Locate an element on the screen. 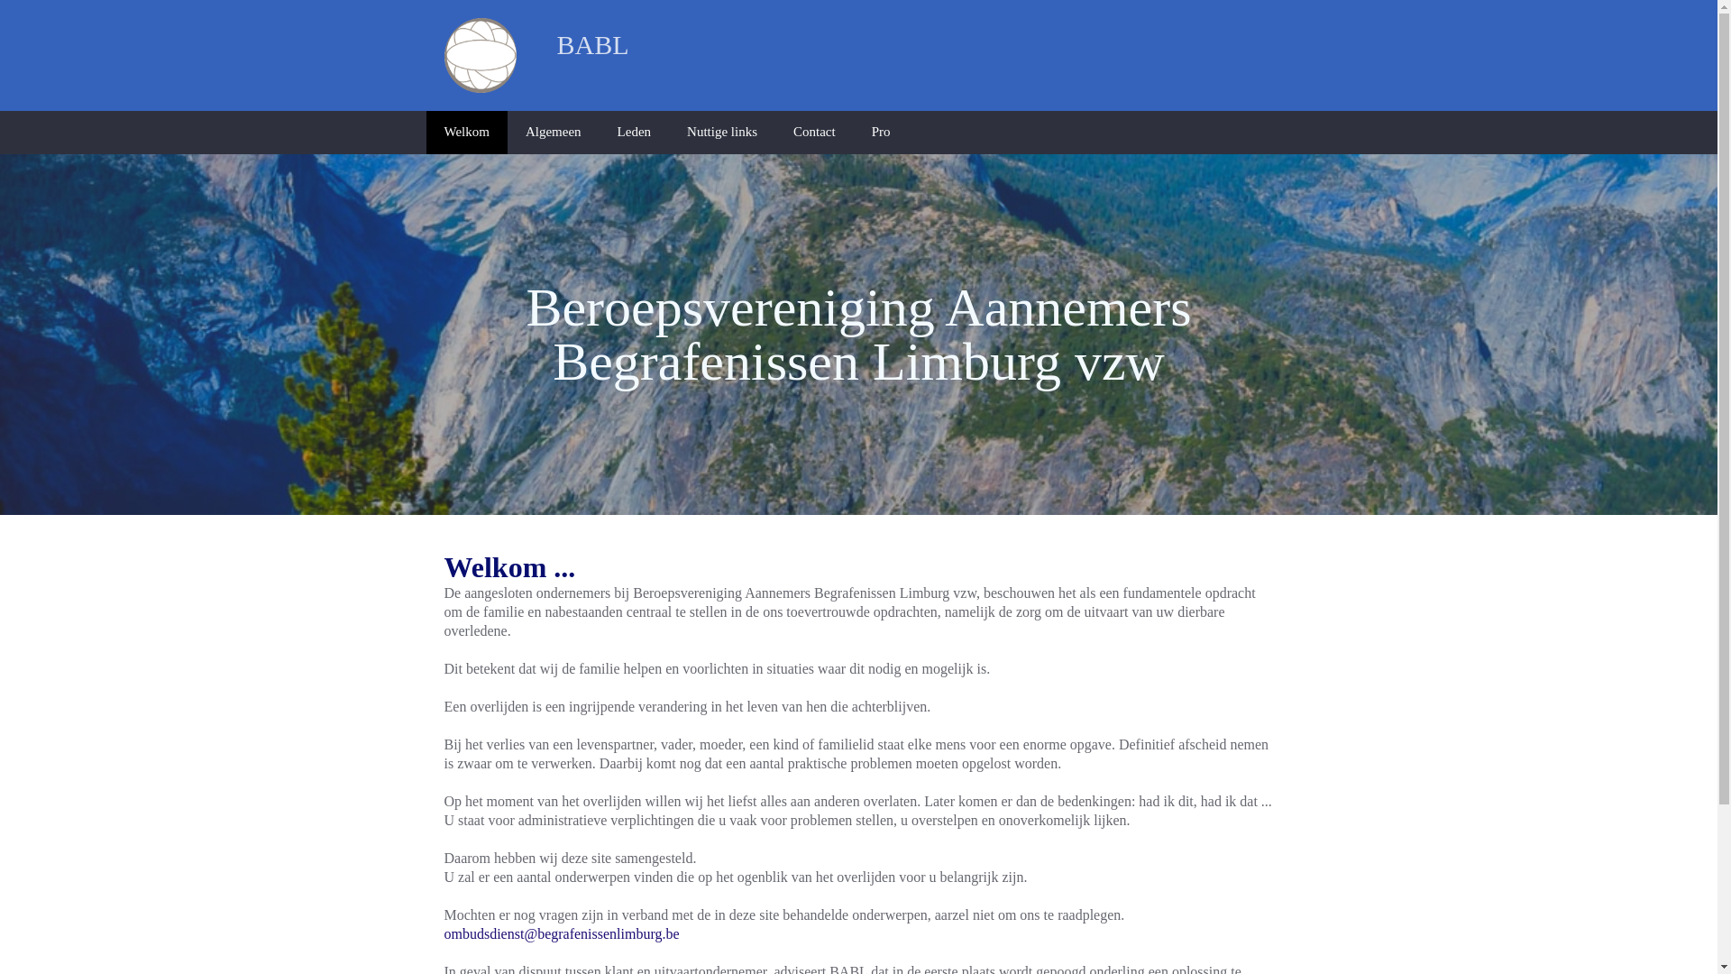 Image resolution: width=1731 pixels, height=974 pixels. 'Welkom' is located at coordinates (466, 131).